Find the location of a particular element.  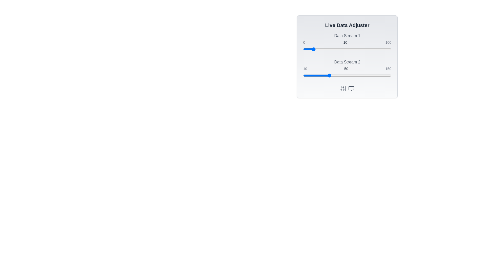

the Data Stream 2 value is located at coordinates (349, 76).